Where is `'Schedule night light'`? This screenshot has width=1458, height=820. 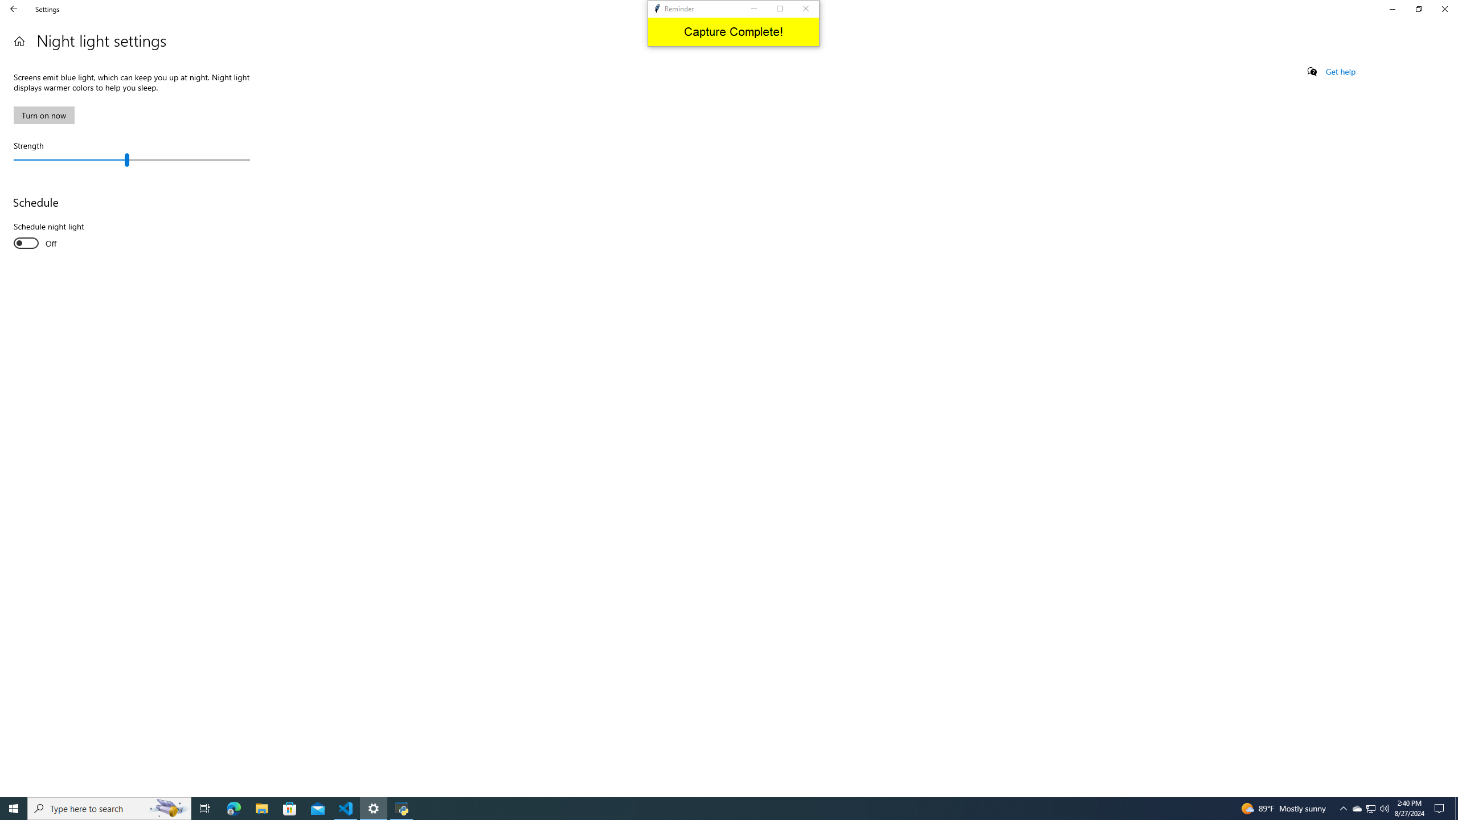
'Schedule night light' is located at coordinates (55, 236).